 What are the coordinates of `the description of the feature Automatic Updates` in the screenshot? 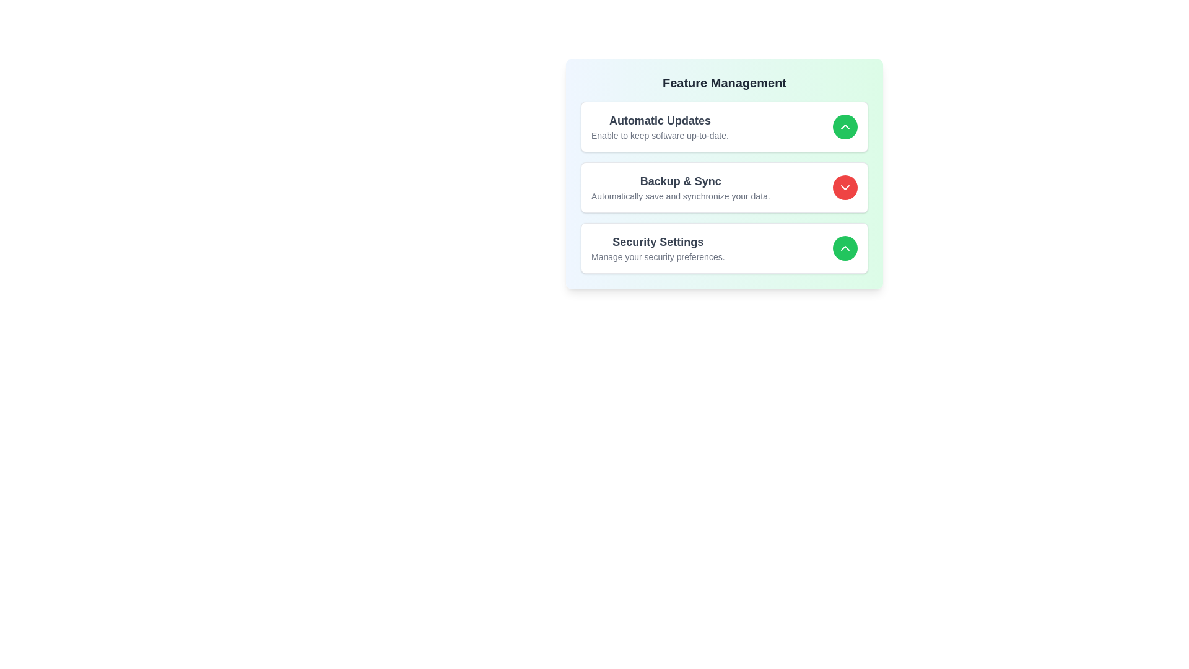 It's located at (659, 126).